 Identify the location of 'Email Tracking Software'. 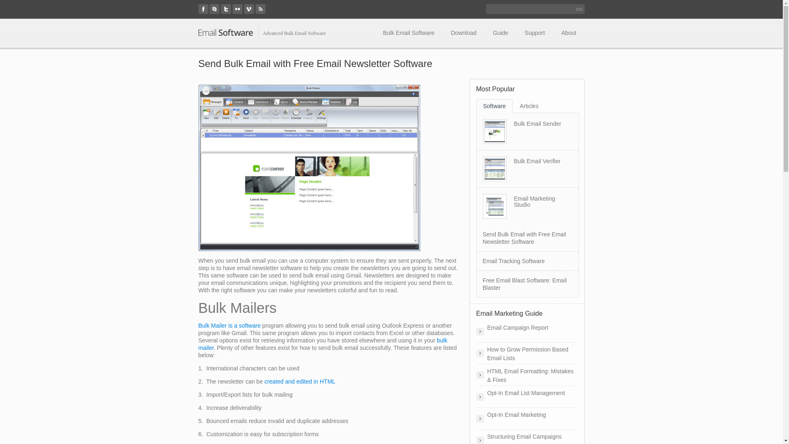
(513, 261).